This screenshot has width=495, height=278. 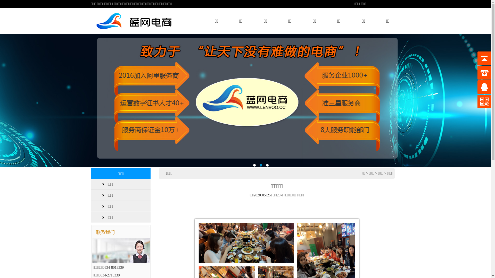 I want to click on '1', so click(x=254, y=165).